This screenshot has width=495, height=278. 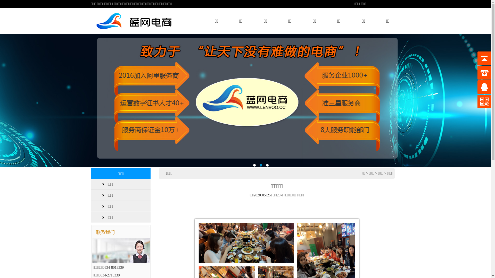 I want to click on '1', so click(x=254, y=165).